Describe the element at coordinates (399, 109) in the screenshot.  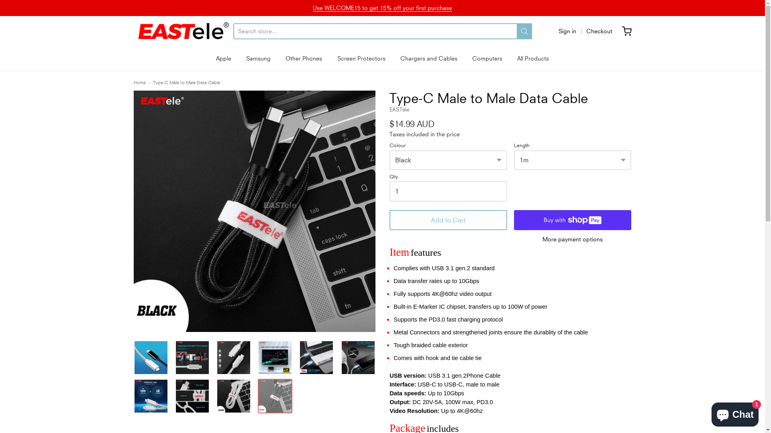
I see `'EASTele'` at that location.